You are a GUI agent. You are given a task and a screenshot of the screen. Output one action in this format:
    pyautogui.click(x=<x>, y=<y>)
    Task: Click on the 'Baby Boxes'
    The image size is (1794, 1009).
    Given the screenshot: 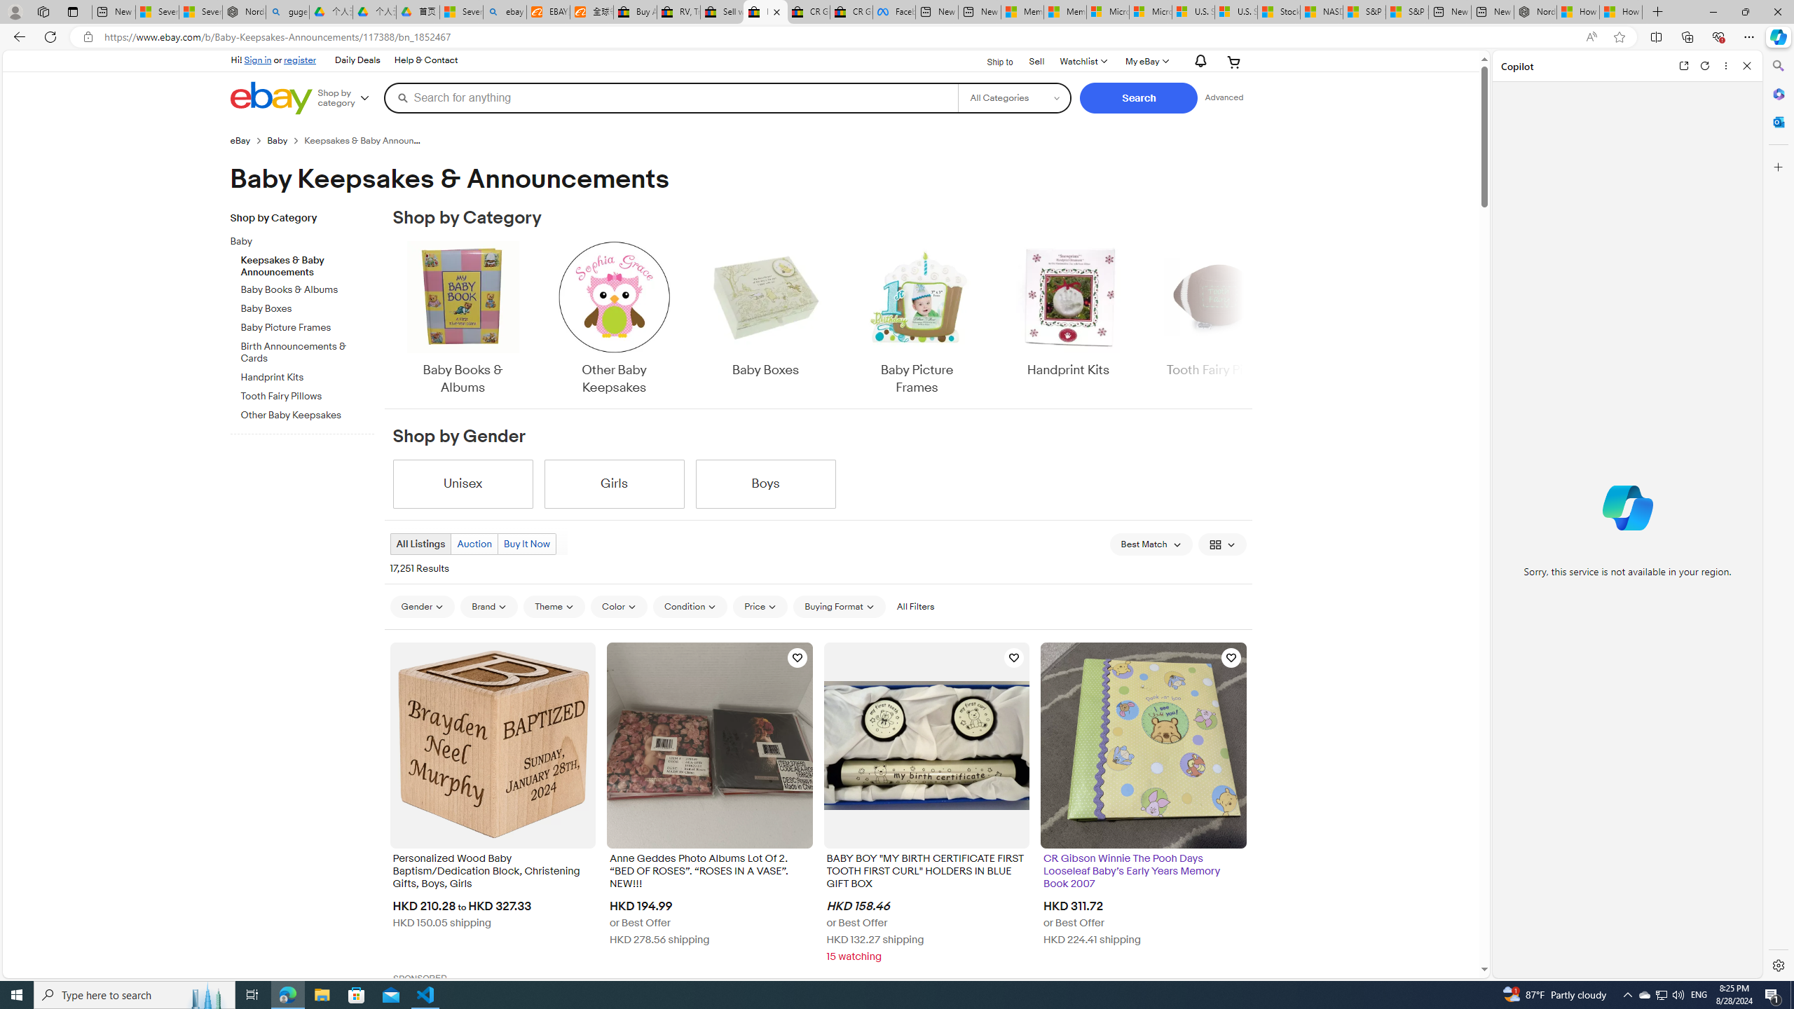 What is the action you would take?
    pyautogui.click(x=765, y=319)
    